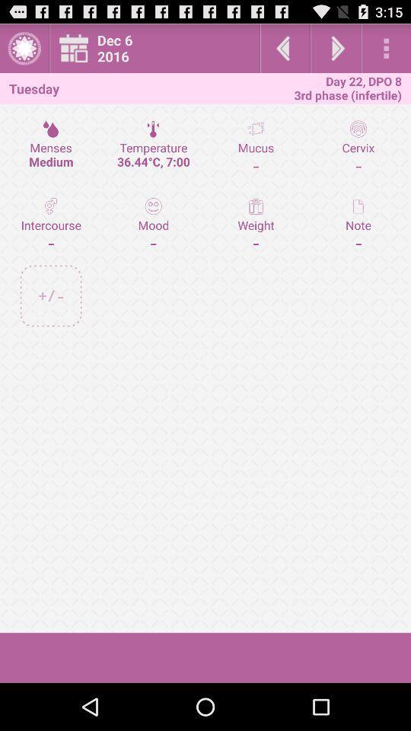  I want to click on icon to the right of menses, so click(153, 147).